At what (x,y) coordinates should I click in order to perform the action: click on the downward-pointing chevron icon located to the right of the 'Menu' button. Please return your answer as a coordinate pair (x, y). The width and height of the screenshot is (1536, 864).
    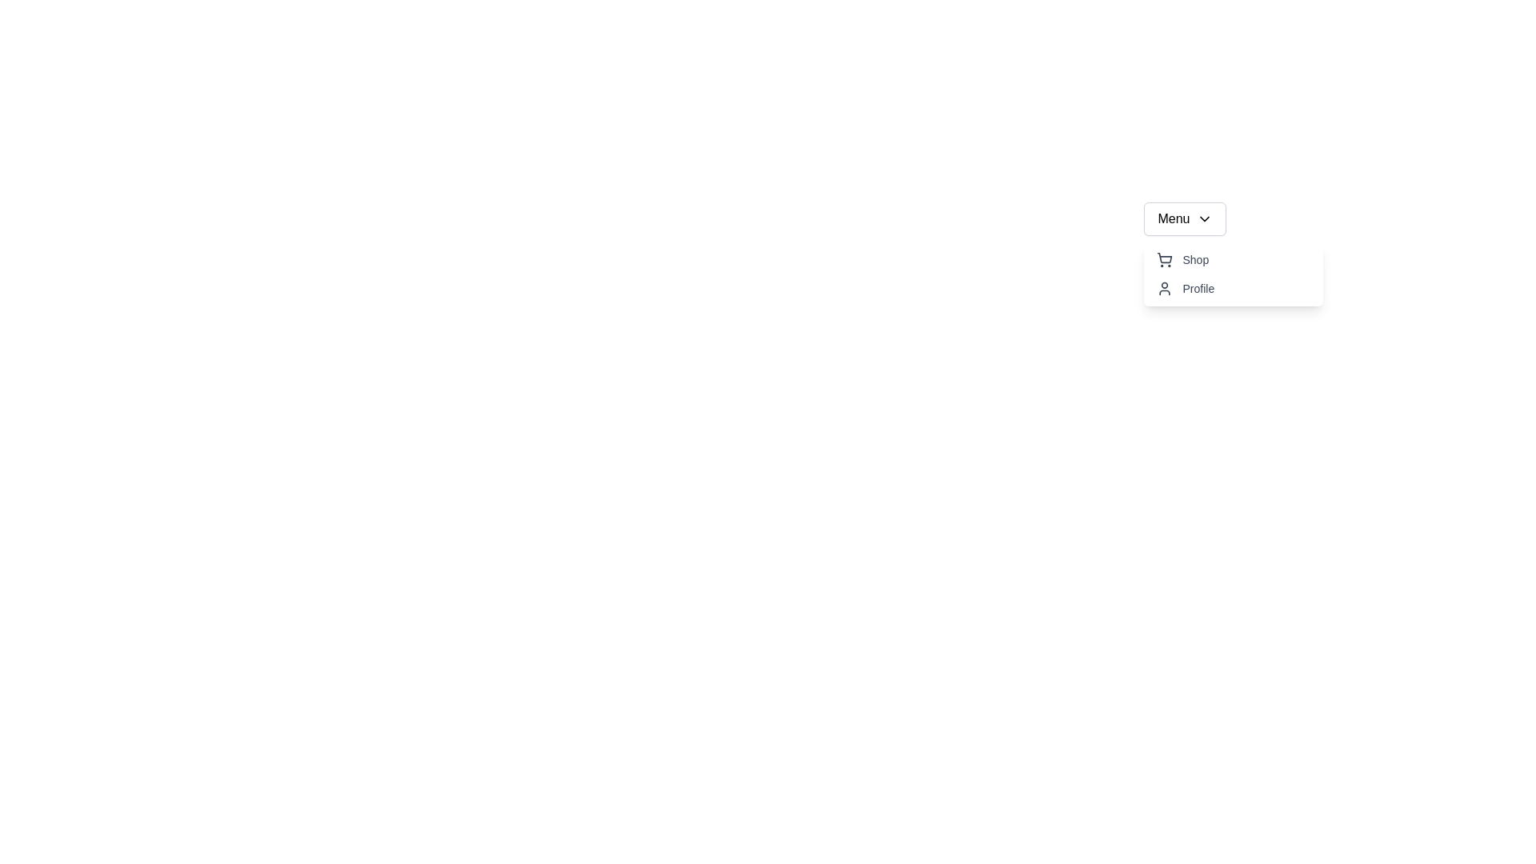
    Looking at the image, I should click on (1204, 218).